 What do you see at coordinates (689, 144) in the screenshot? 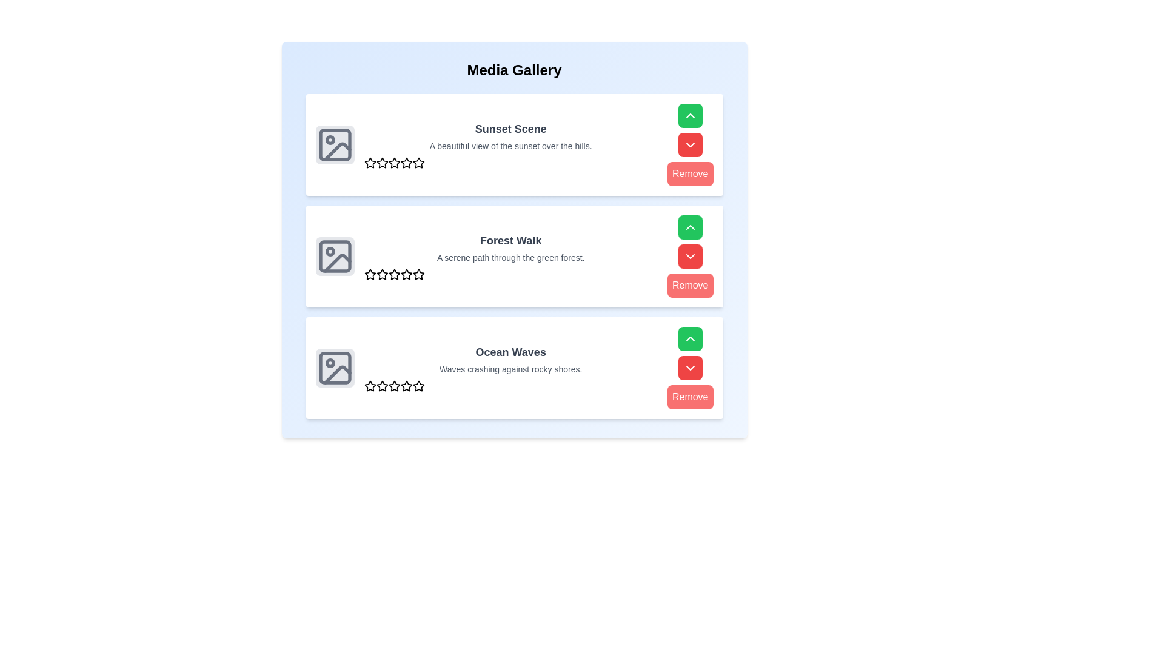
I see `'down' button associated with the media item 'Sunset Scene' to decrease its rating` at bounding box center [689, 144].